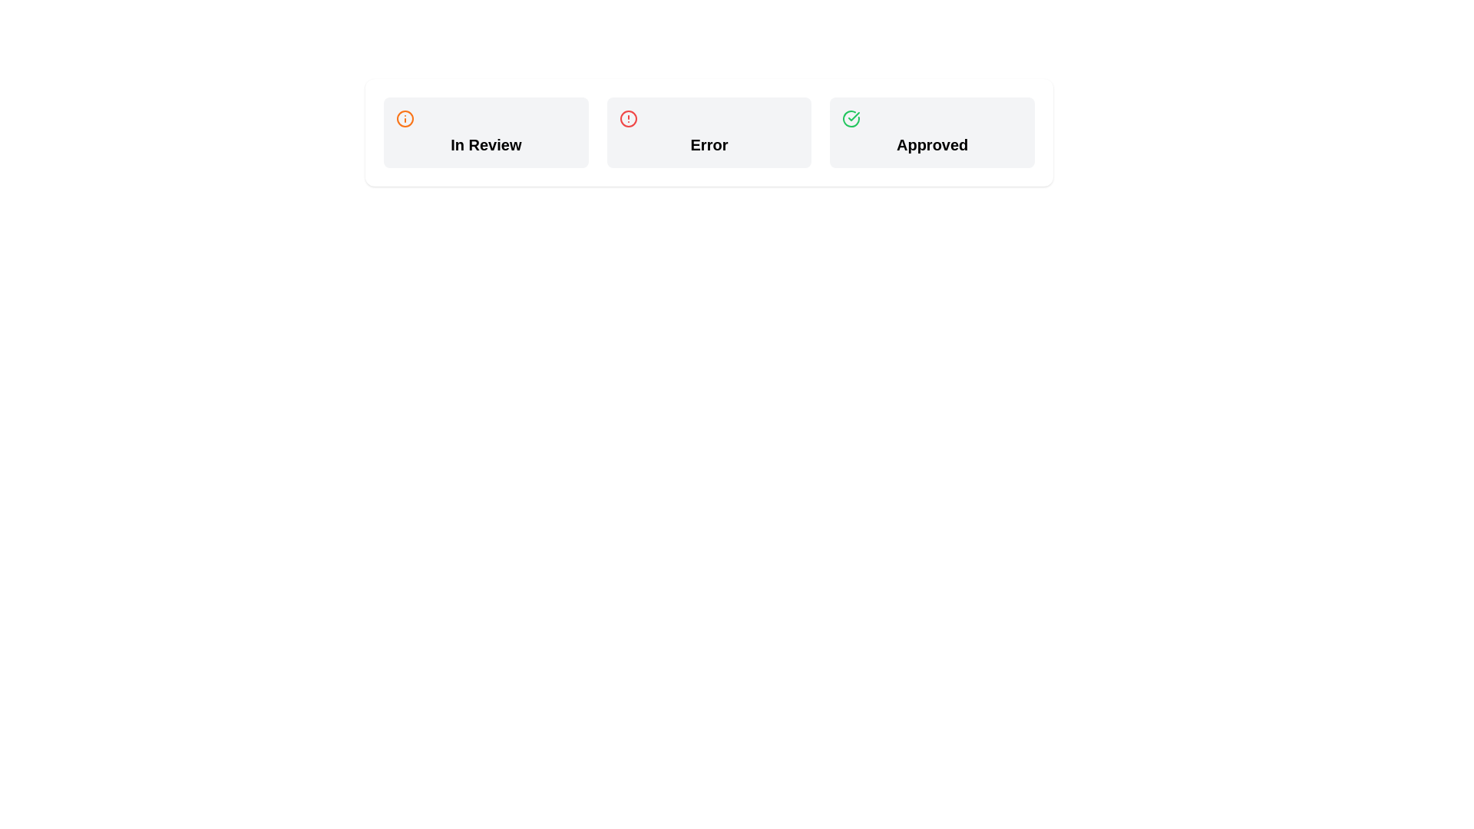 The image size is (1474, 829). Describe the element at coordinates (485, 132) in the screenshot. I see `the status indicator labeled 'In Review', which is a rectangular box with rounded corners and an orange circular icon with an 'i' symbol` at that location.